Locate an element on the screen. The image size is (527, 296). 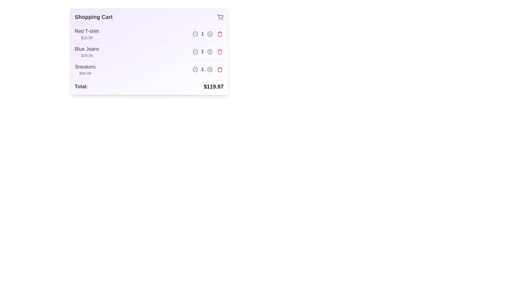
displayed numeric value '1' in bold gray font located between the decrement and increment buttons in the shopping cart controls is located at coordinates (202, 34).